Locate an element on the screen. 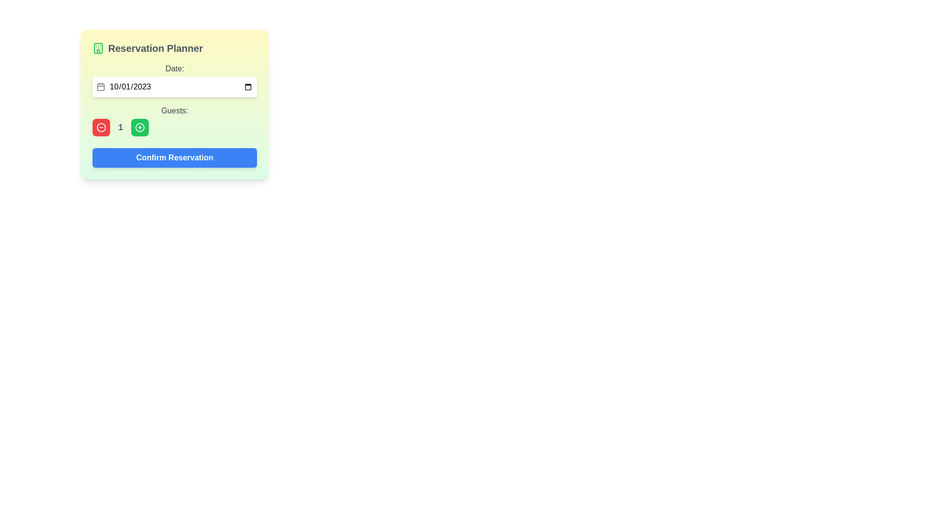 The height and width of the screenshot is (528, 940). the increment button of the content component used for adjusting the number of guests, located directly below the 'Date' section of the reservation form is located at coordinates (174, 120).